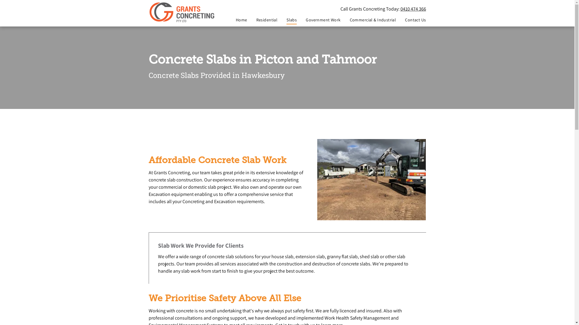  What do you see at coordinates (277, 20) in the screenshot?
I see `'Slabs'` at bounding box center [277, 20].